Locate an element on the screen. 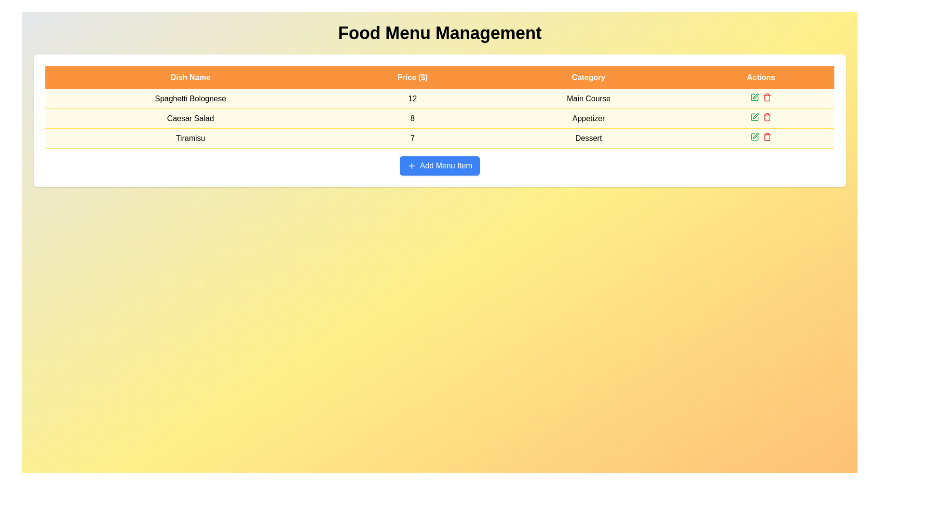  the blue rectangular button labeled 'Add Menu Item' with a '+' icon is located at coordinates (439, 165).